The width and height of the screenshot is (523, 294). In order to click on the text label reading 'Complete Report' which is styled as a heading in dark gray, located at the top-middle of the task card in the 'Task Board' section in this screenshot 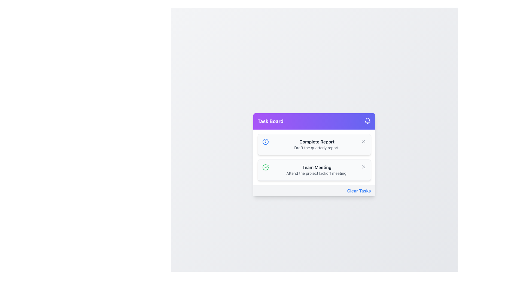, I will do `click(317, 141)`.